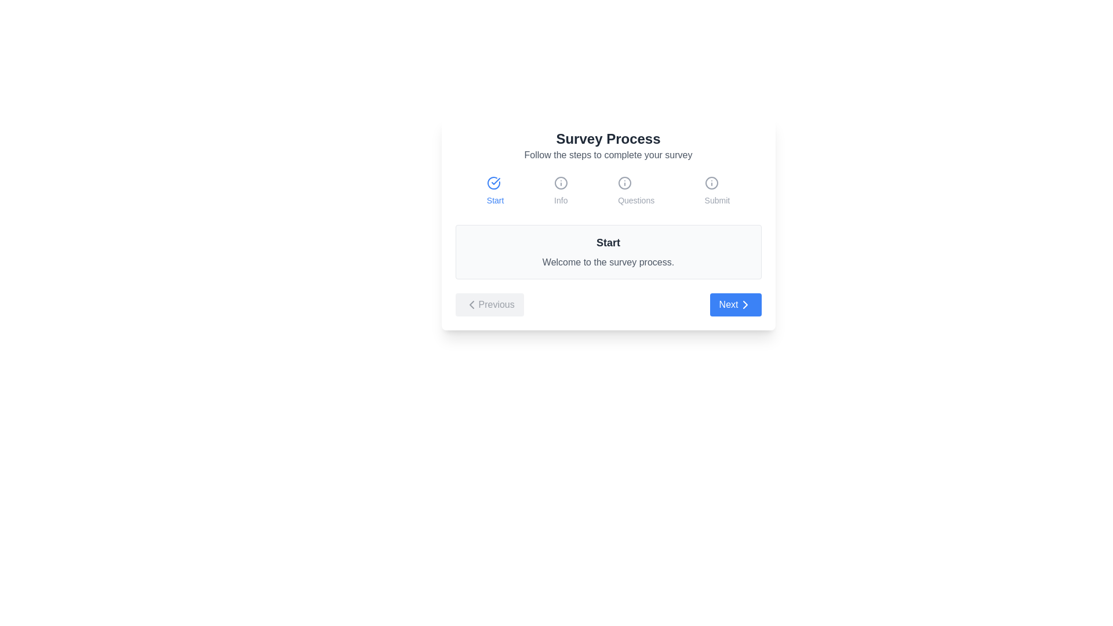 This screenshot has height=626, width=1113. I want to click on the circular base of the second step icon in the multi-step process bar represented by the SVG element, so click(624, 183).